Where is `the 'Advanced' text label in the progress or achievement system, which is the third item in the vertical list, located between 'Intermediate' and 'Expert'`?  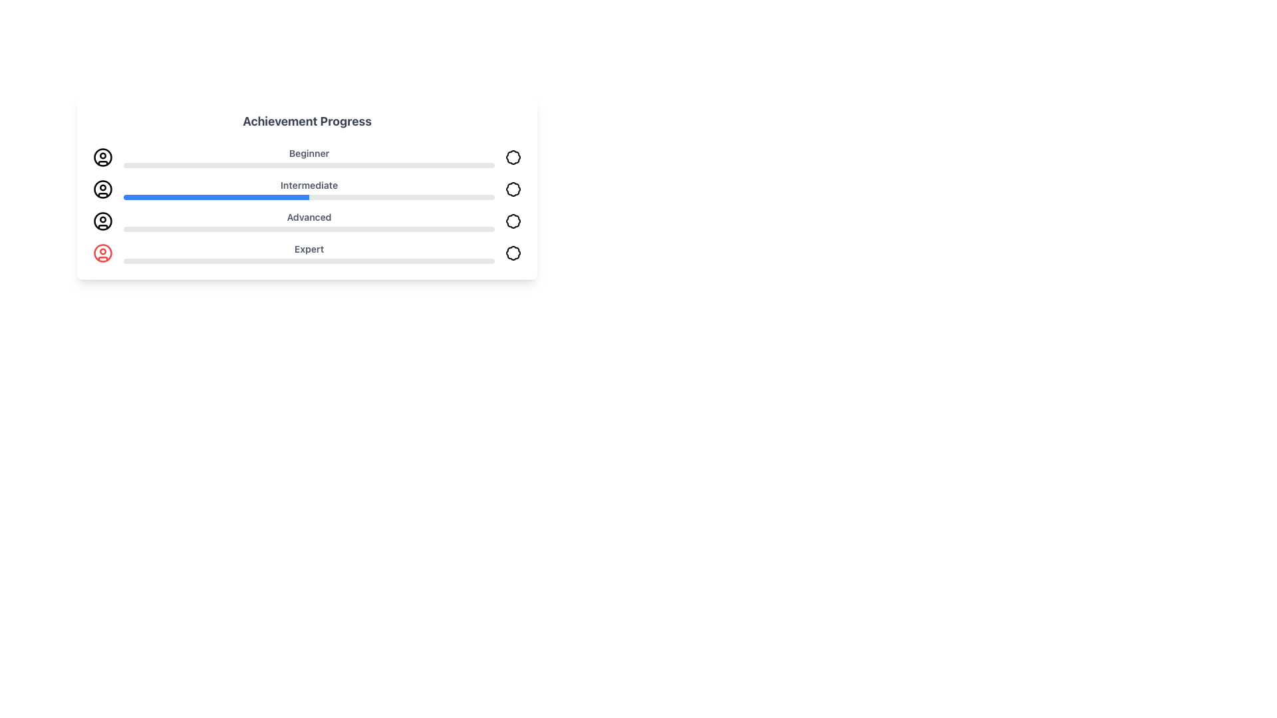
the 'Advanced' text label in the progress or achievement system, which is the third item in the vertical list, located between 'Intermediate' and 'Expert' is located at coordinates (309, 220).